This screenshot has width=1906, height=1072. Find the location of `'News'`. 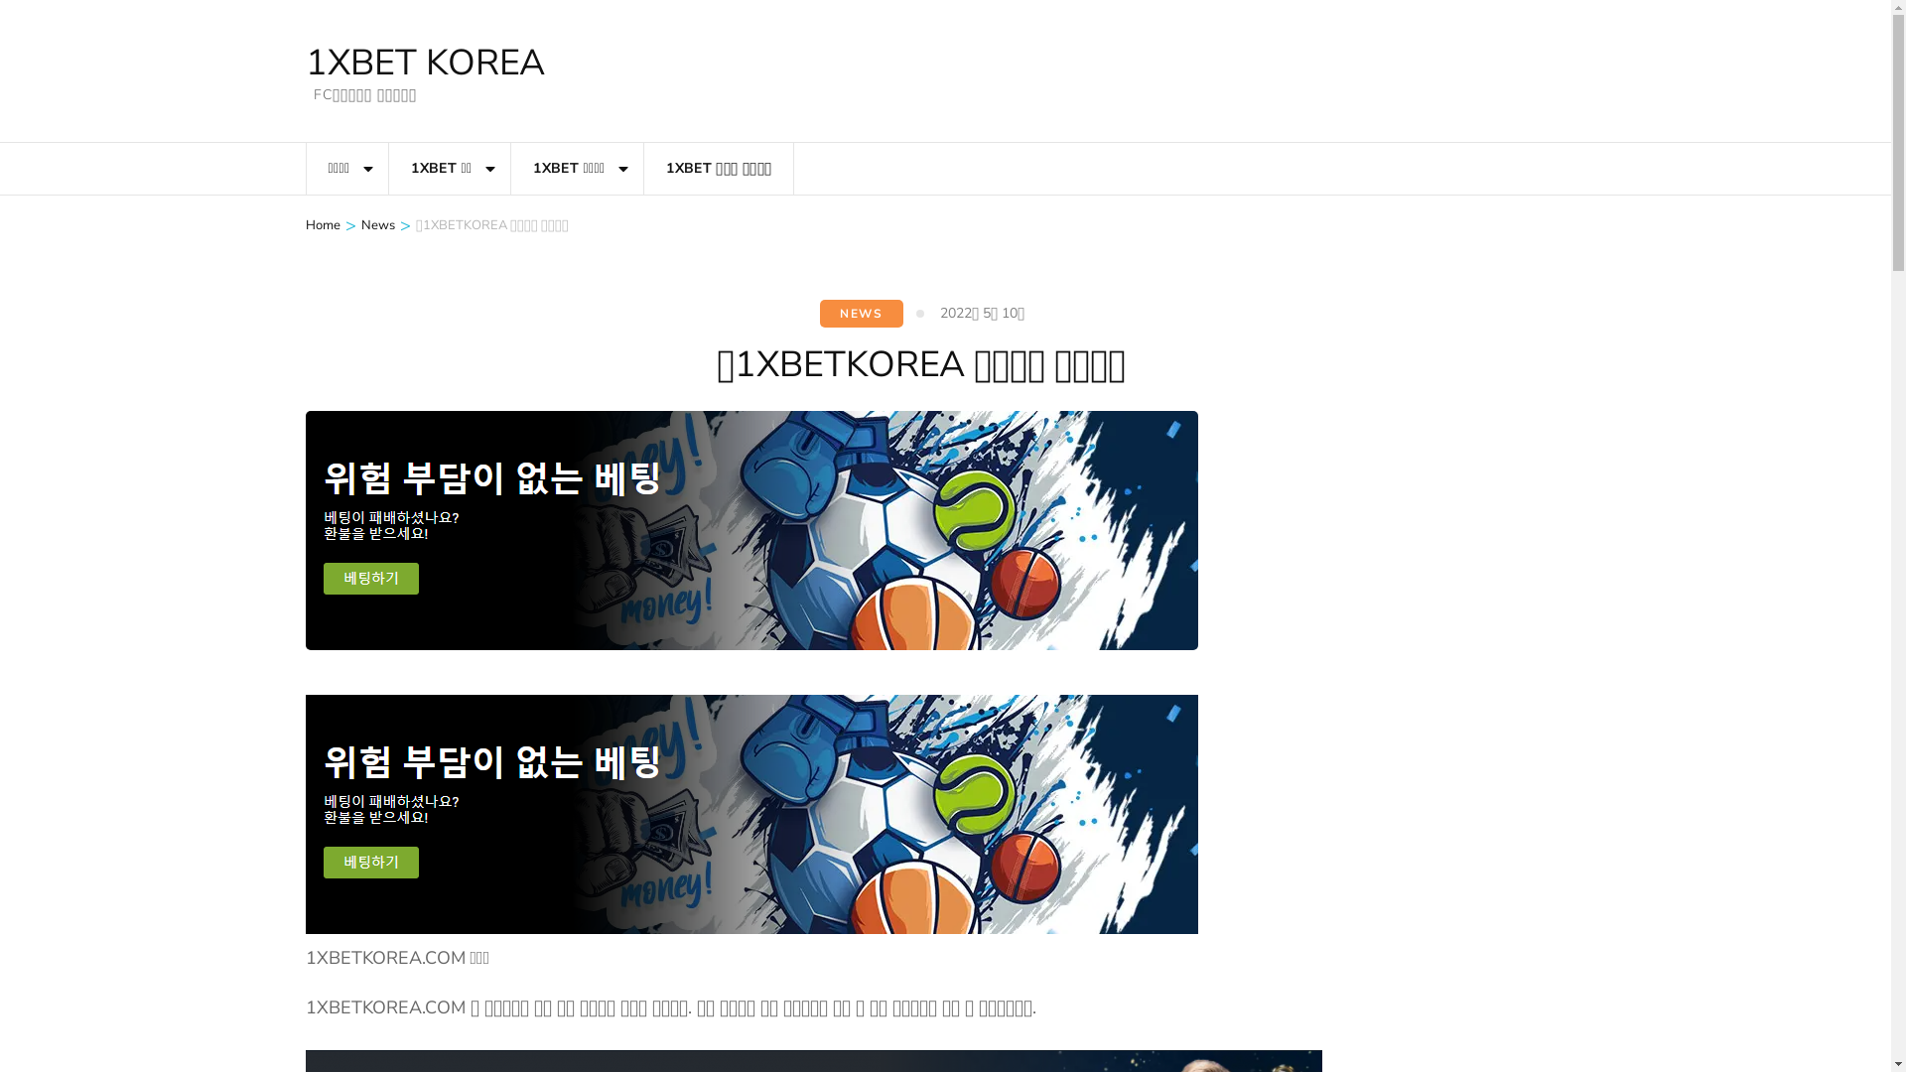

'News' is located at coordinates (377, 224).